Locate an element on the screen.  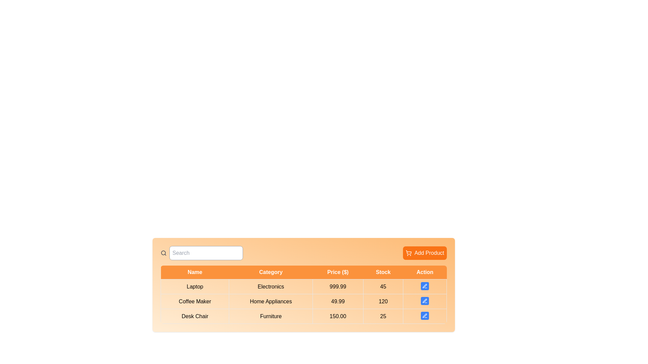
the text element displaying the price '999.99' for the product 'Laptop' in the 'Price ($)' category, which is centered on a light orange background is located at coordinates (338, 286).